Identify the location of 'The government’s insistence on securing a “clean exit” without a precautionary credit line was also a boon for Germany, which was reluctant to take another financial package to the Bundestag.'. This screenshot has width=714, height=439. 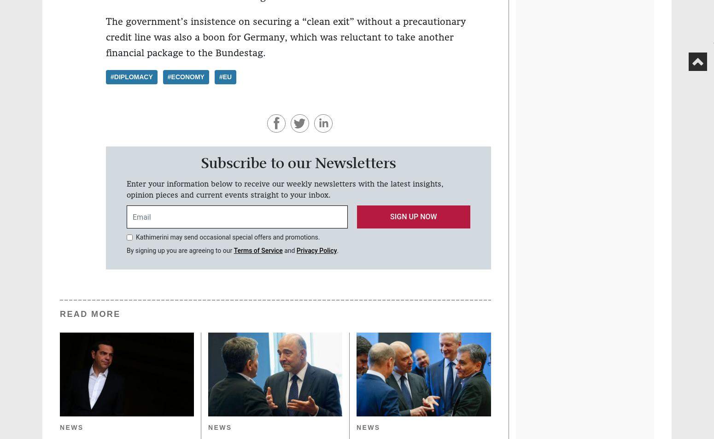
(286, 37).